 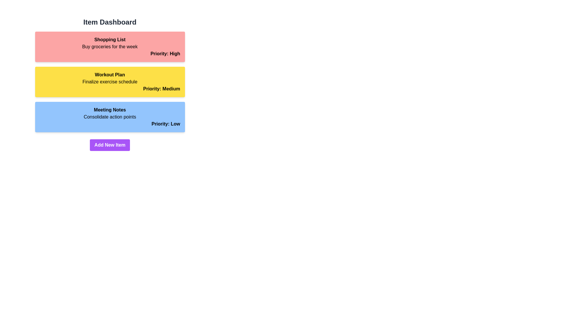 I want to click on 'Add New Item' button to append a new item to the list, so click(x=109, y=145).